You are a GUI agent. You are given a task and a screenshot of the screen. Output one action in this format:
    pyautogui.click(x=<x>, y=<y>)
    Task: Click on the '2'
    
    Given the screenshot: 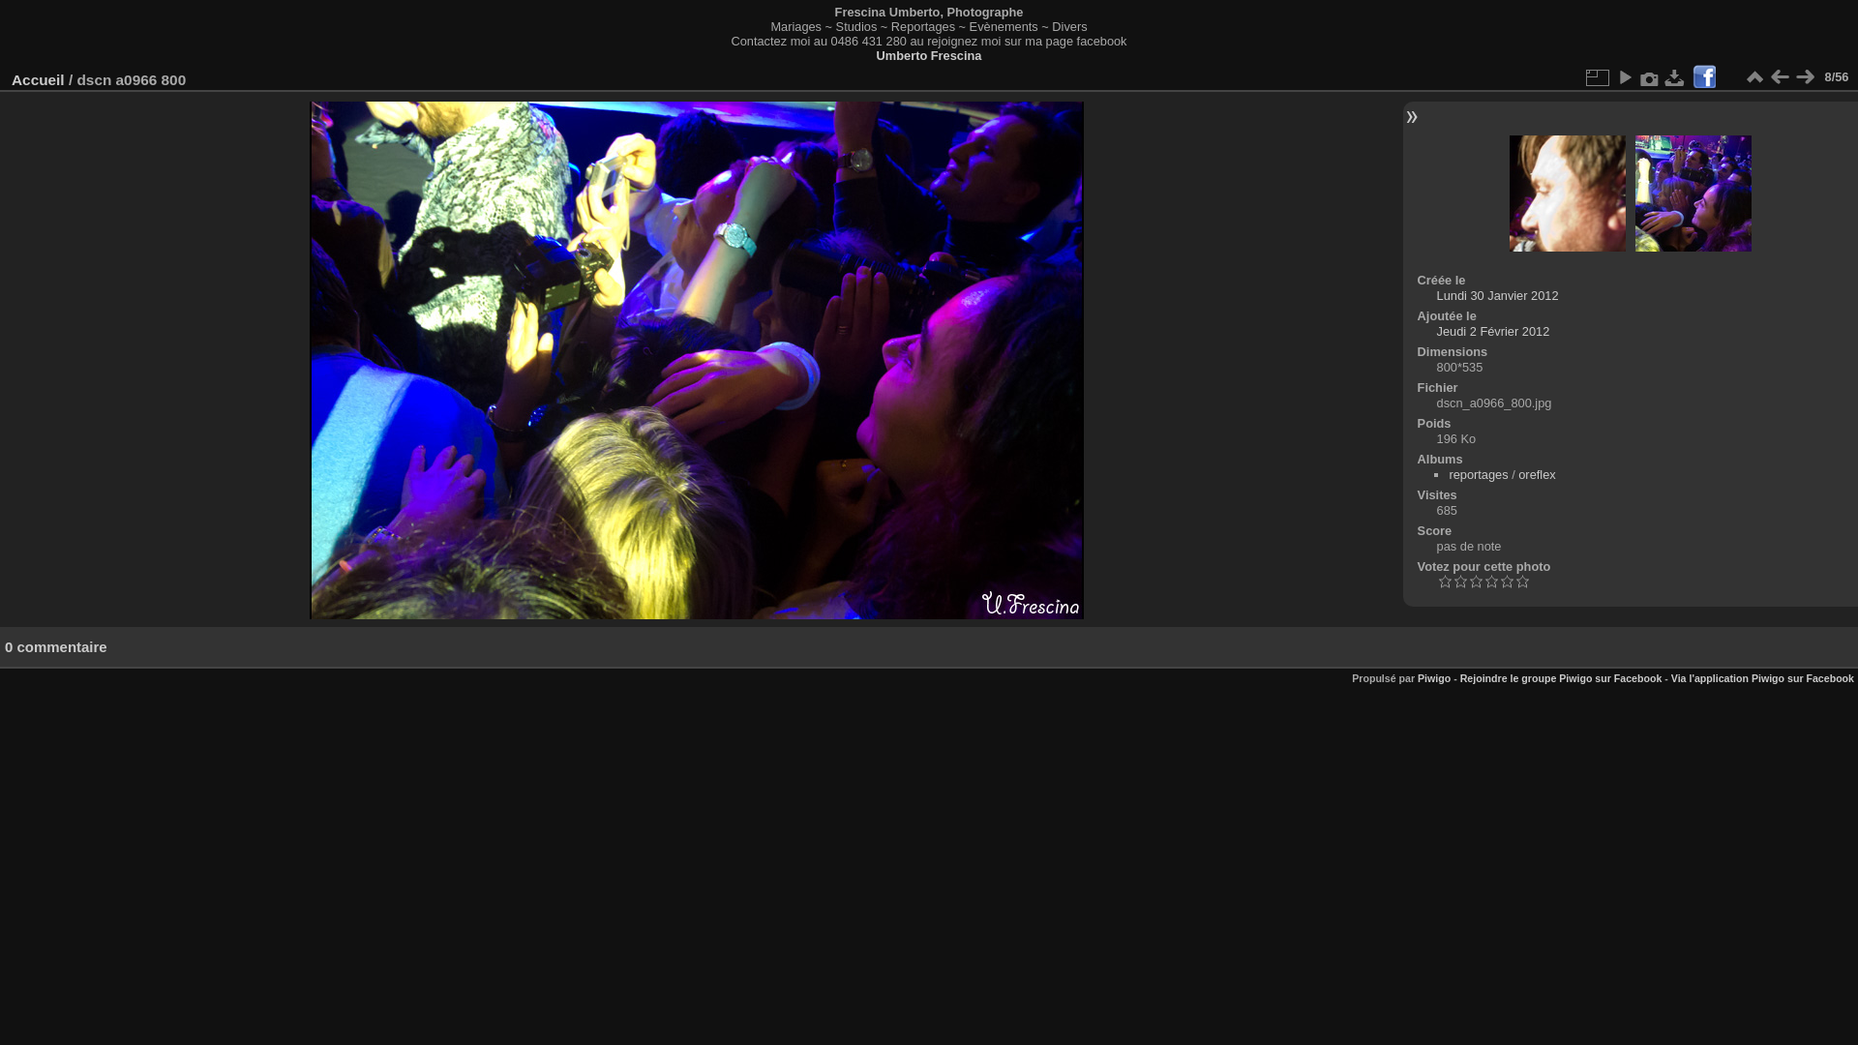 What is the action you would take?
    pyautogui.click(x=1475, y=581)
    